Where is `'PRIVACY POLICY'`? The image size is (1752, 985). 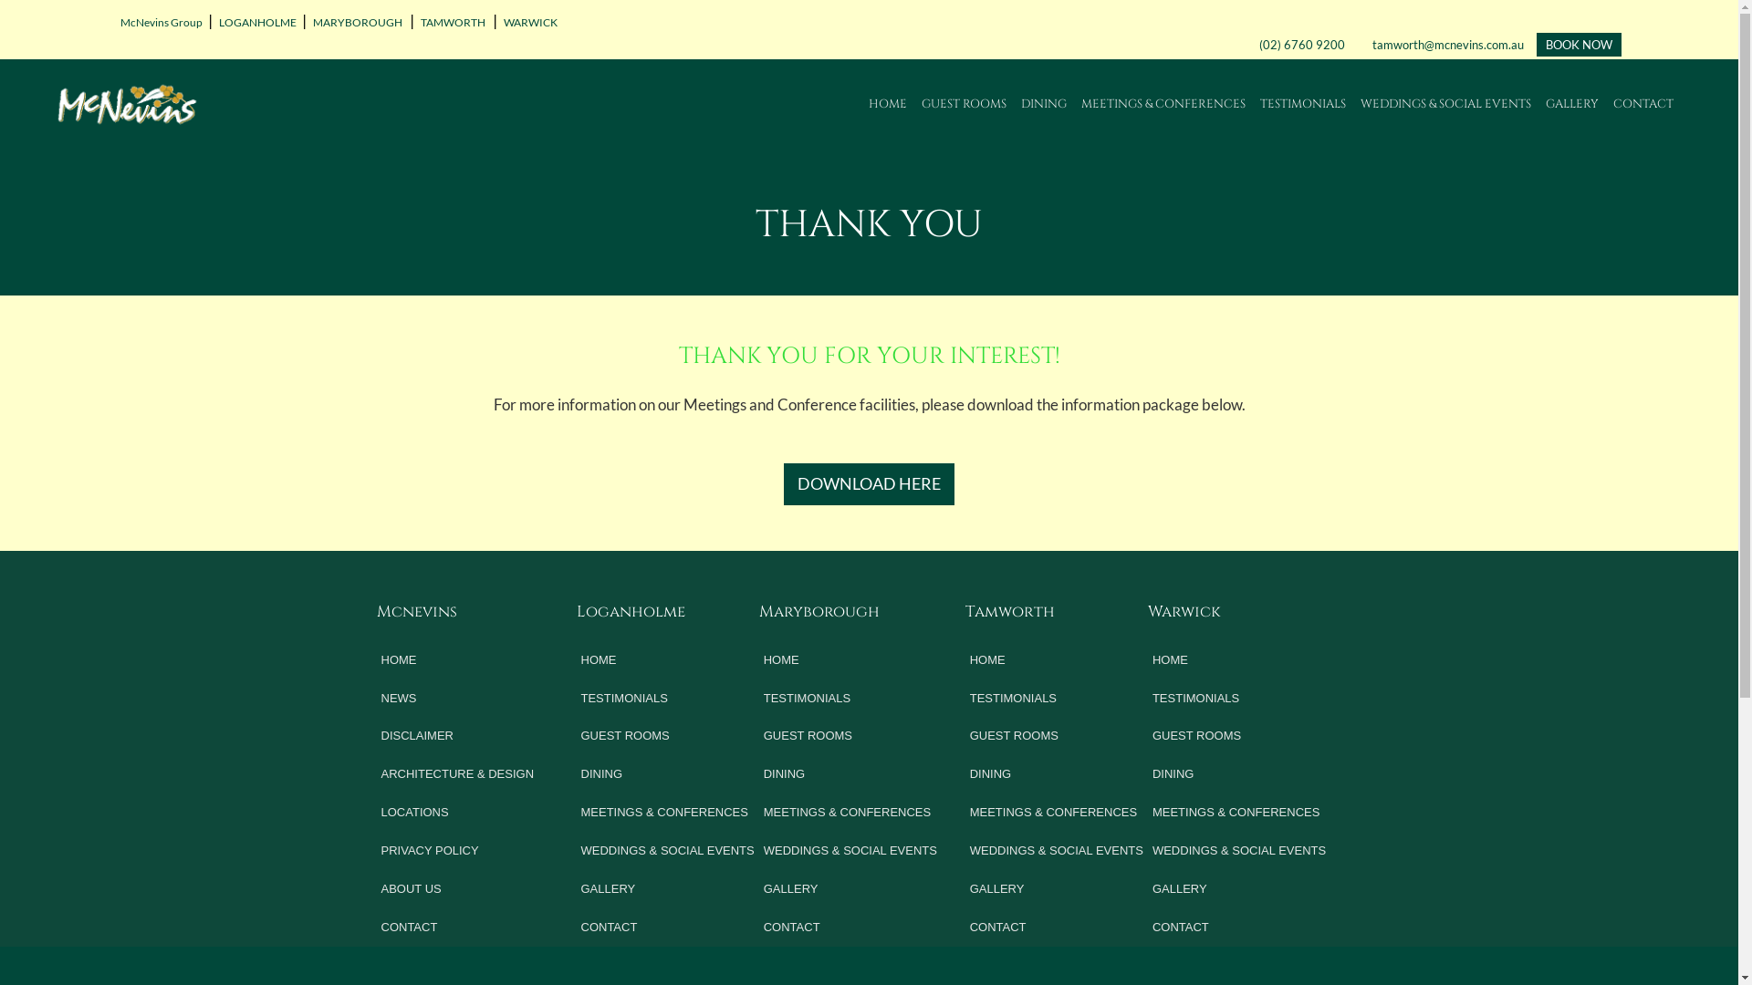
'PRIVACY POLICY' is located at coordinates (375, 851).